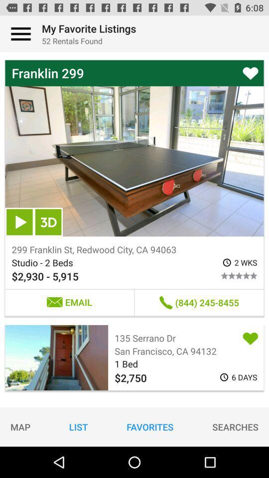 This screenshot has width=269, height=478. I want to click on the item at the top left corner, so click(21, 34).